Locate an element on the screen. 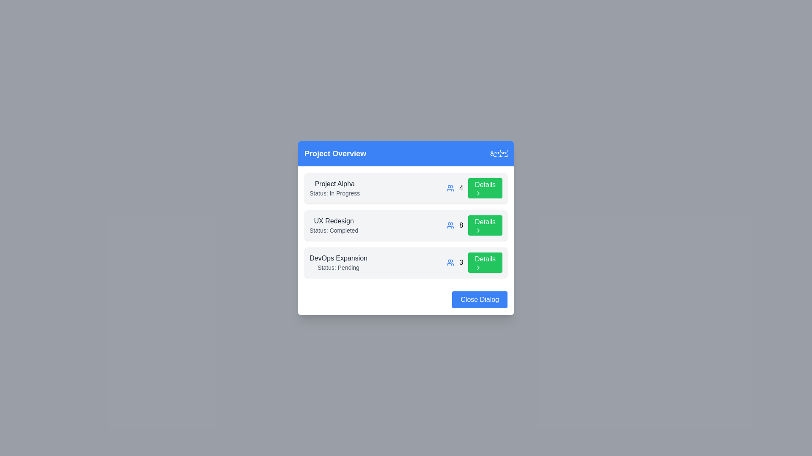  the 'Details' button for the project with ID 1 is located at coordinates (485, 188).